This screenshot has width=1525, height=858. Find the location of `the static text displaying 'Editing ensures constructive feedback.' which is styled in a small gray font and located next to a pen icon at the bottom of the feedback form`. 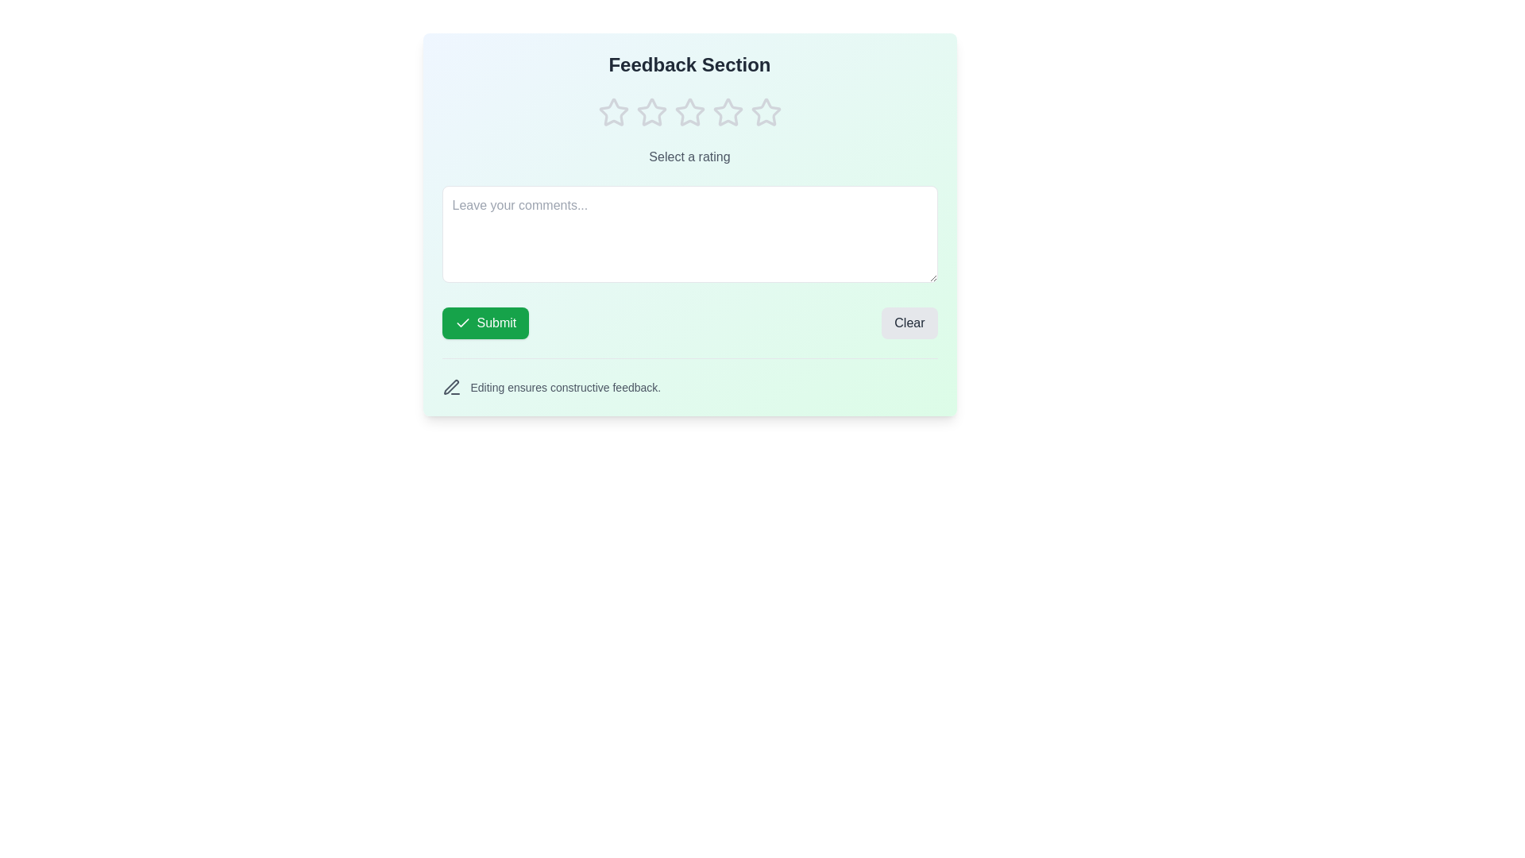

the static text displaying 'Editing ensures constructive feedback.' which is styled in a small gray font and located next to a pen icon at the bottom of the feedback form is located at coordinates (566, 388).